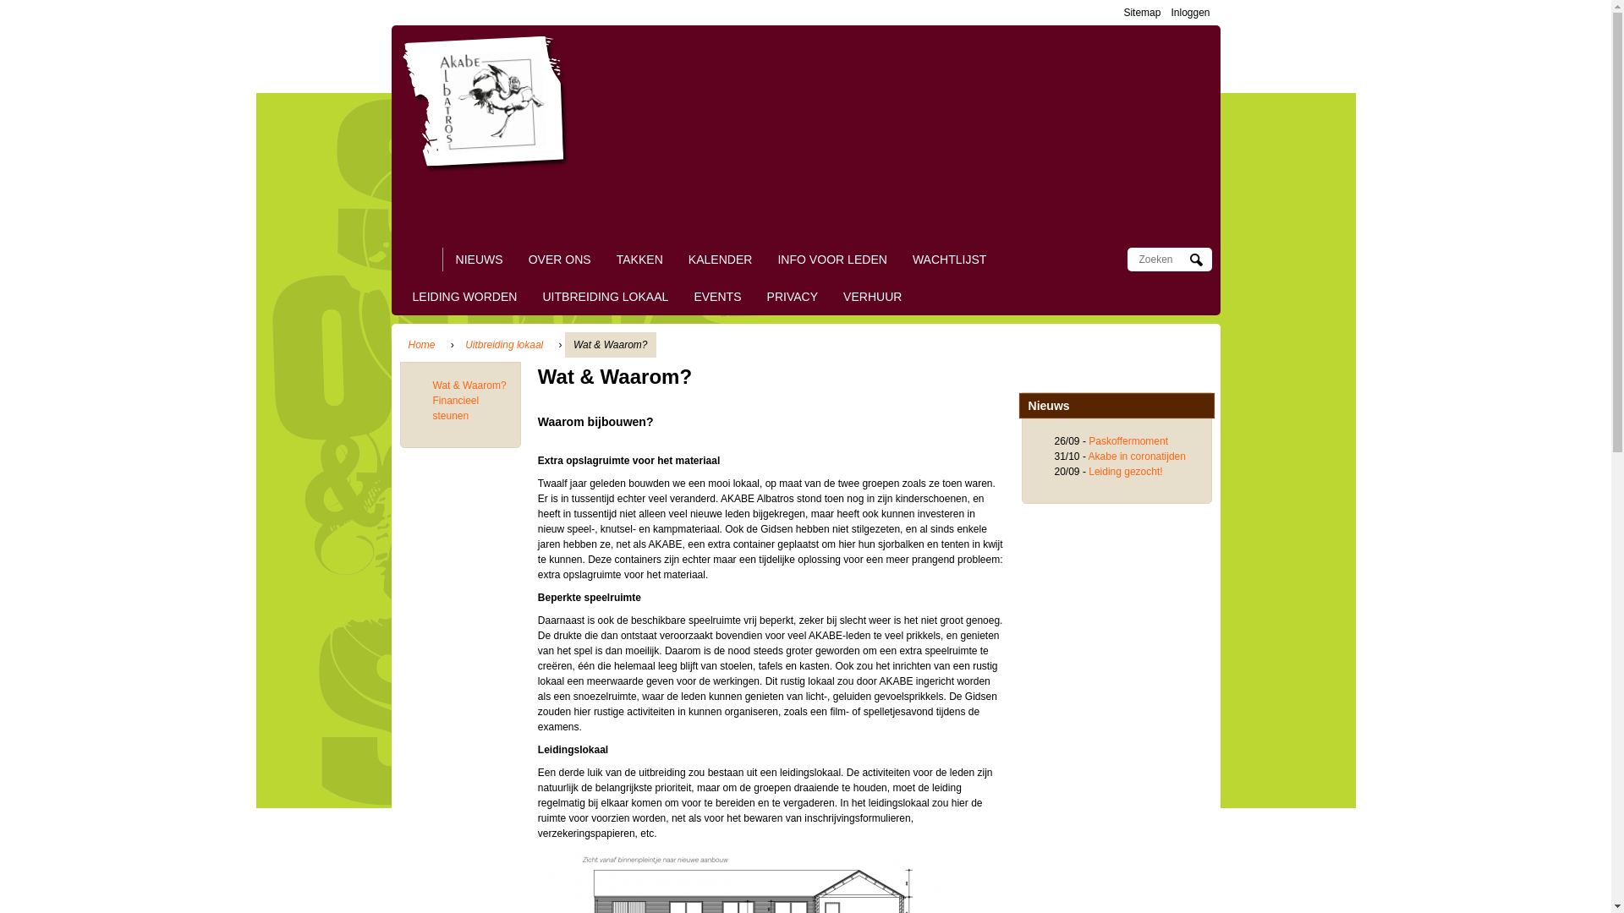 This screenshot has height=913, width=1624. What do you see at coordinates (1125, 472) in the screenshot?
I see `'Leiding gezocht!'` at bounding box center [1125, 472].